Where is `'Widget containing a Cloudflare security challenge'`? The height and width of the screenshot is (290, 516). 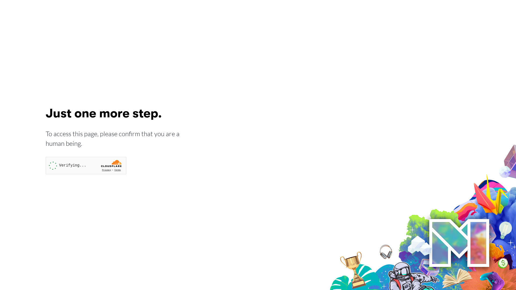 'Widget containing a Cloudflare security challenge' is located at coordinates (86, 165).